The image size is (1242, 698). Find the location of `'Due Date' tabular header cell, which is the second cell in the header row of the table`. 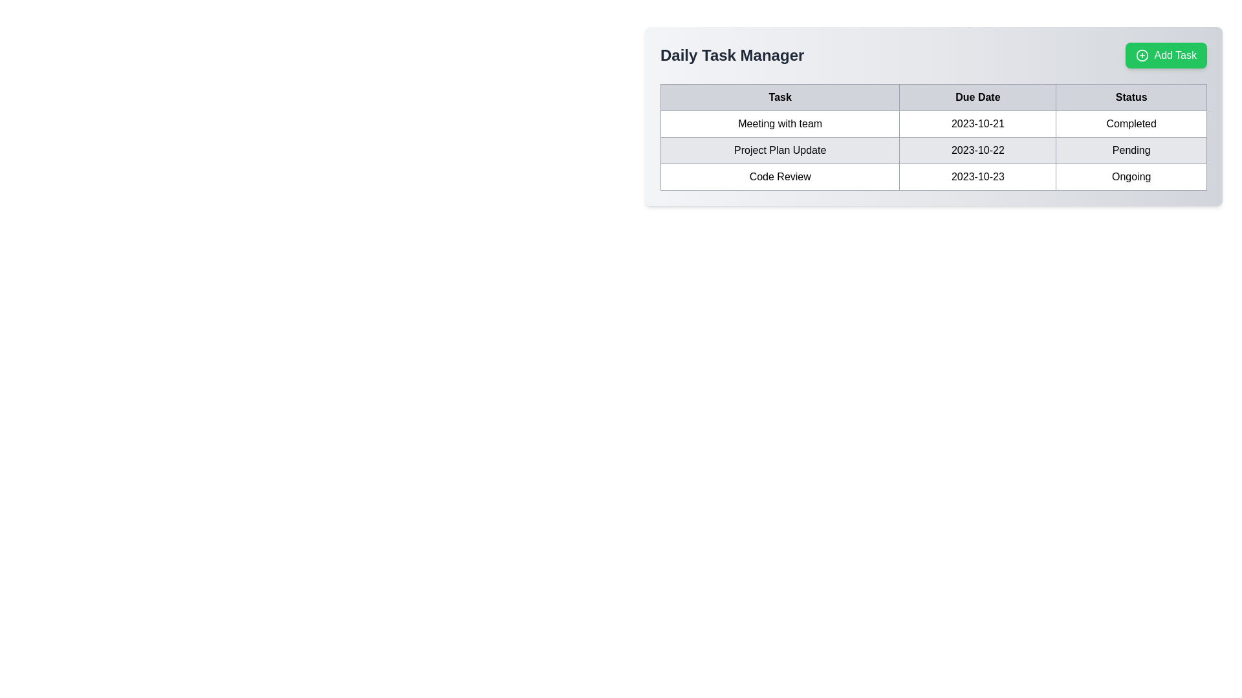

'Due Date' tabular header cell, which is the second cell in the header row of the table is located at coordinates (977, 96).